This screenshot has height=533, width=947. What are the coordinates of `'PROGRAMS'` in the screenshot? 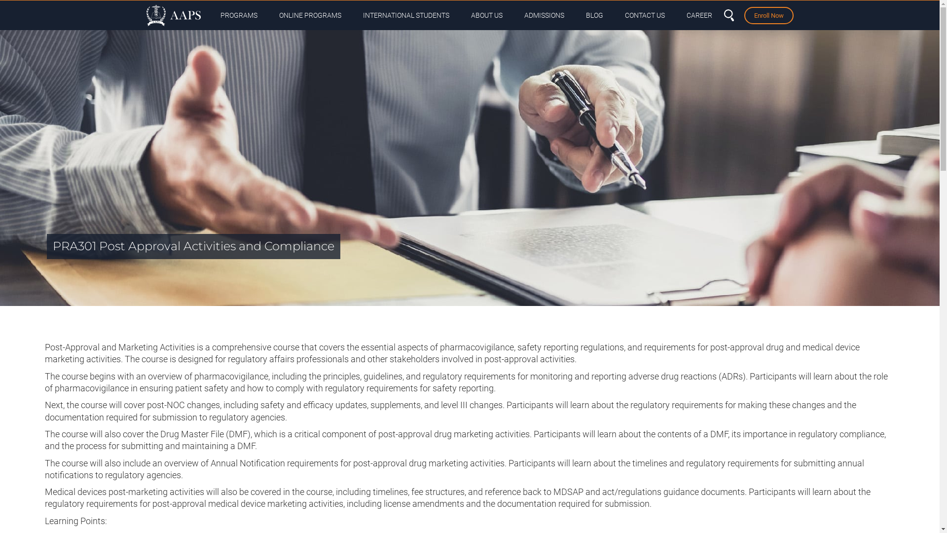 It's located at (238, 15).